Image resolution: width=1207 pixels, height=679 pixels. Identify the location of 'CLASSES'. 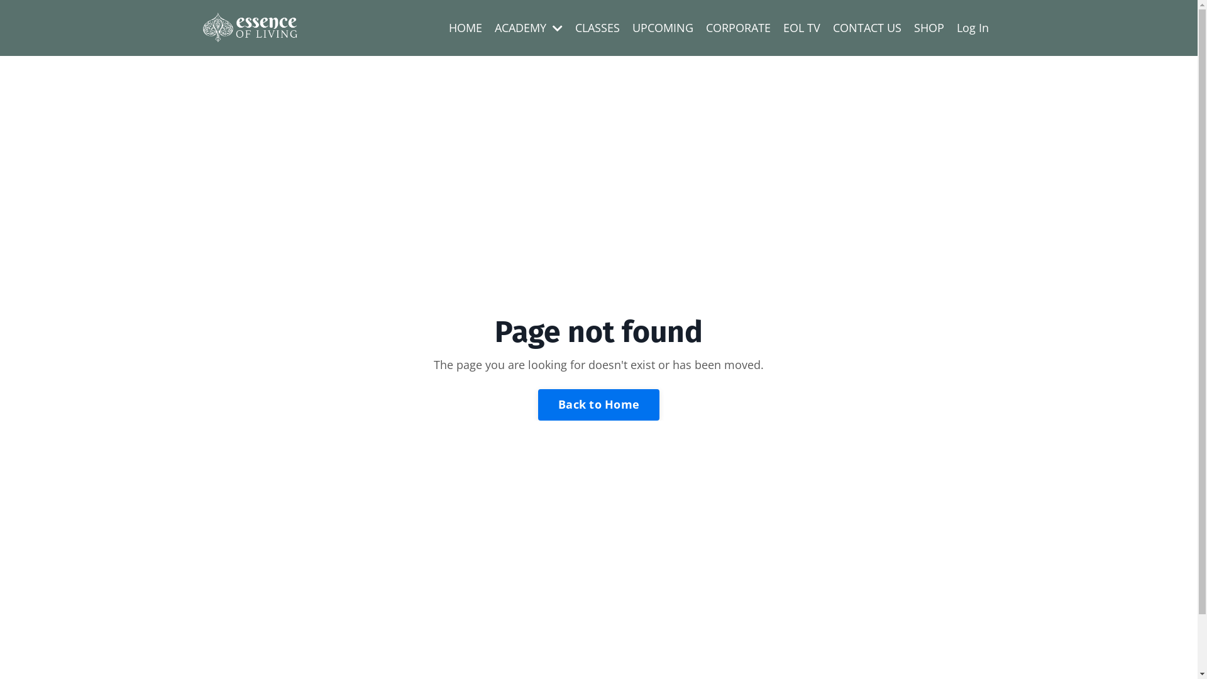
(596, 28).